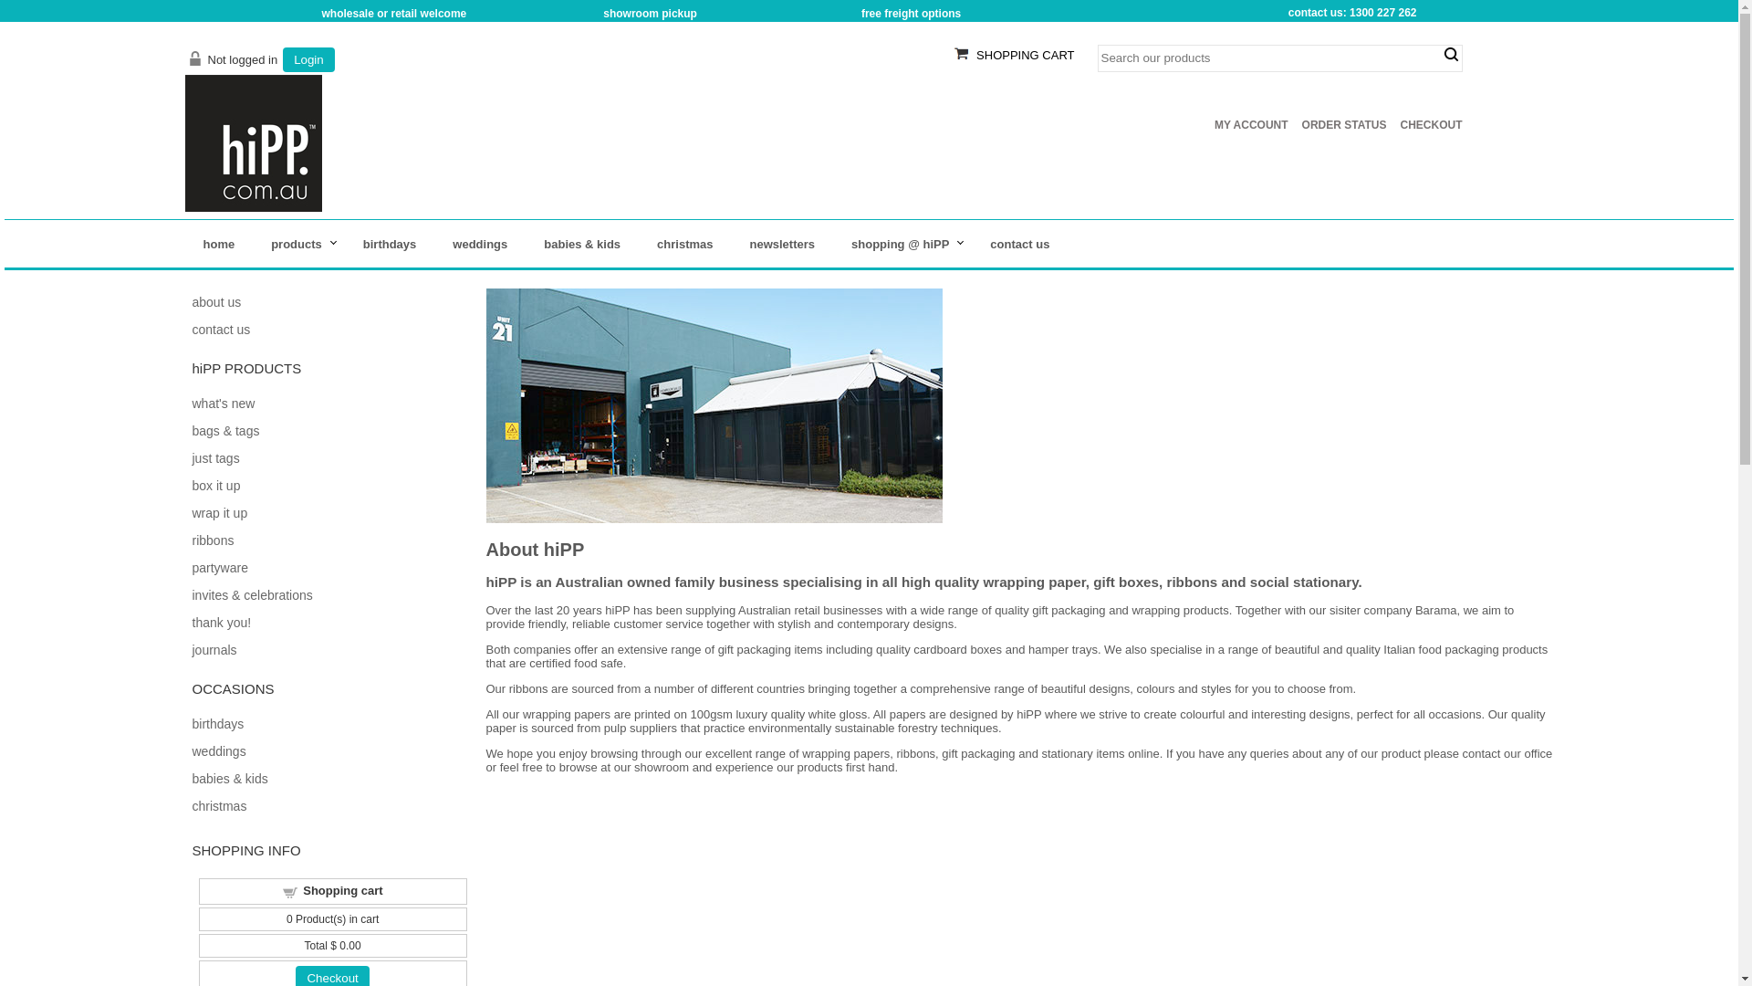 This screenshot has height=986, width=1752. I want to click on 'partyware', so click(219, 566).